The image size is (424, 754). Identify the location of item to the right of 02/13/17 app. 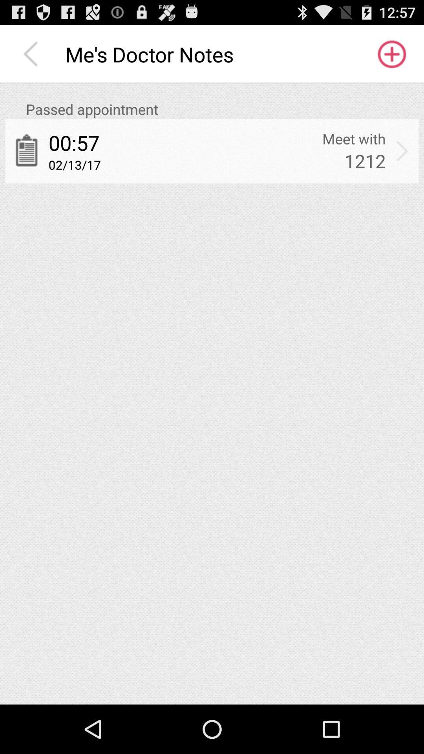
(365, 160).